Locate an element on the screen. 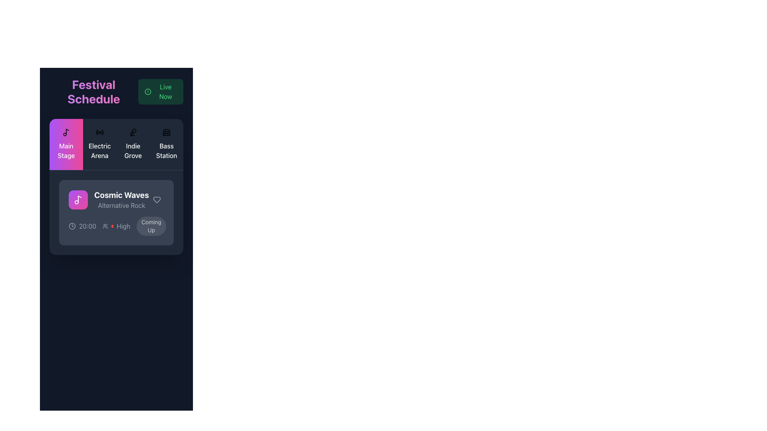  the first button in a row of four navigation buttons, positioned at the far left is located at coordinates (66, 144).